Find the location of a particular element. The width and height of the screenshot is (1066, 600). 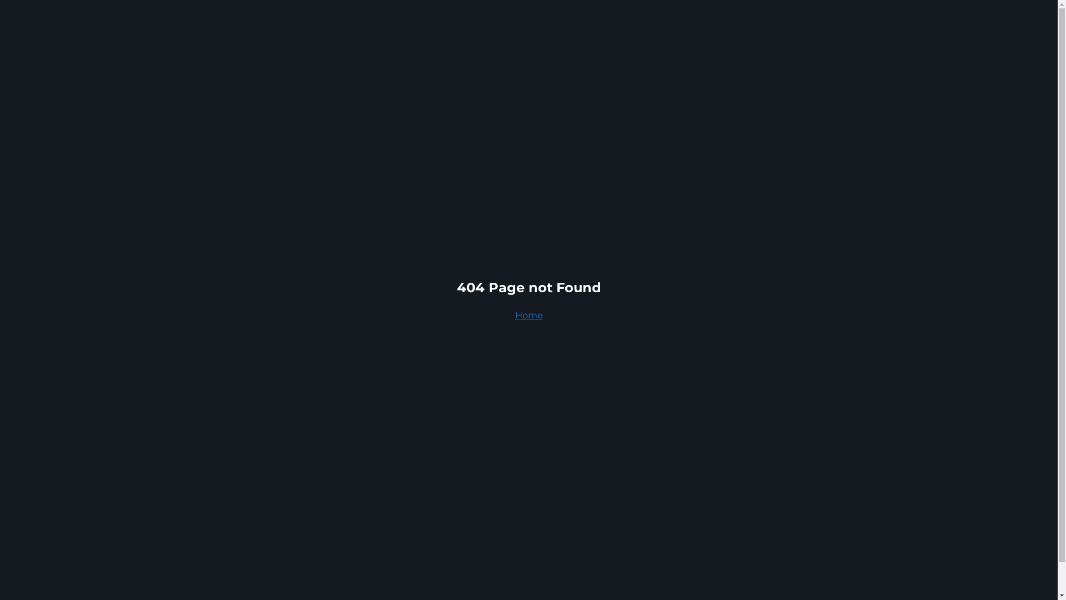

'Home' is located at coordinates (529, 315).